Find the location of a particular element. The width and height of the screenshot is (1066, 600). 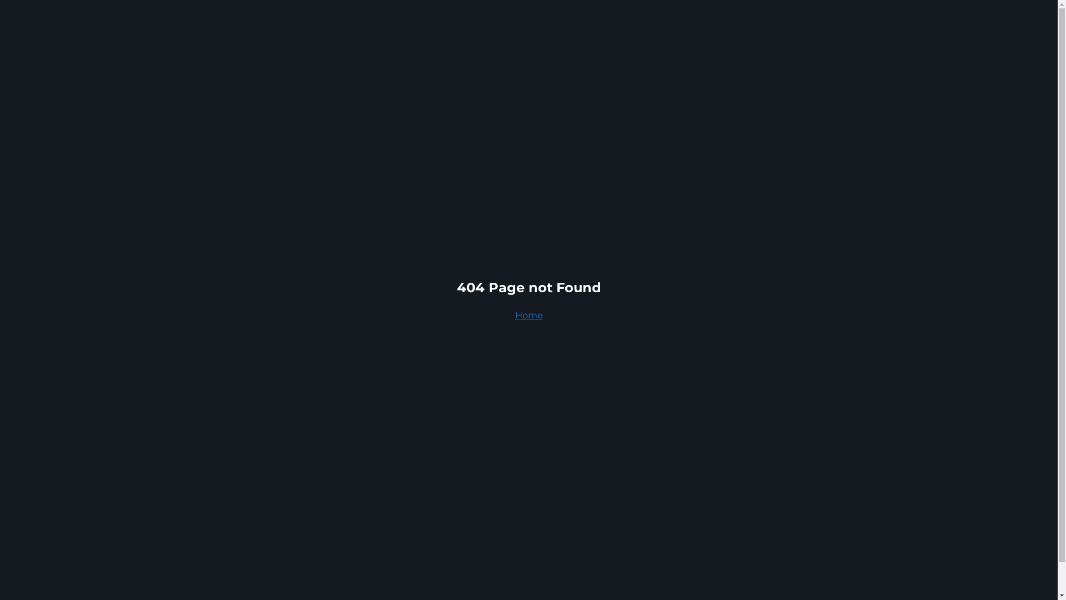

'Home' is located at coordinates (529, 315).